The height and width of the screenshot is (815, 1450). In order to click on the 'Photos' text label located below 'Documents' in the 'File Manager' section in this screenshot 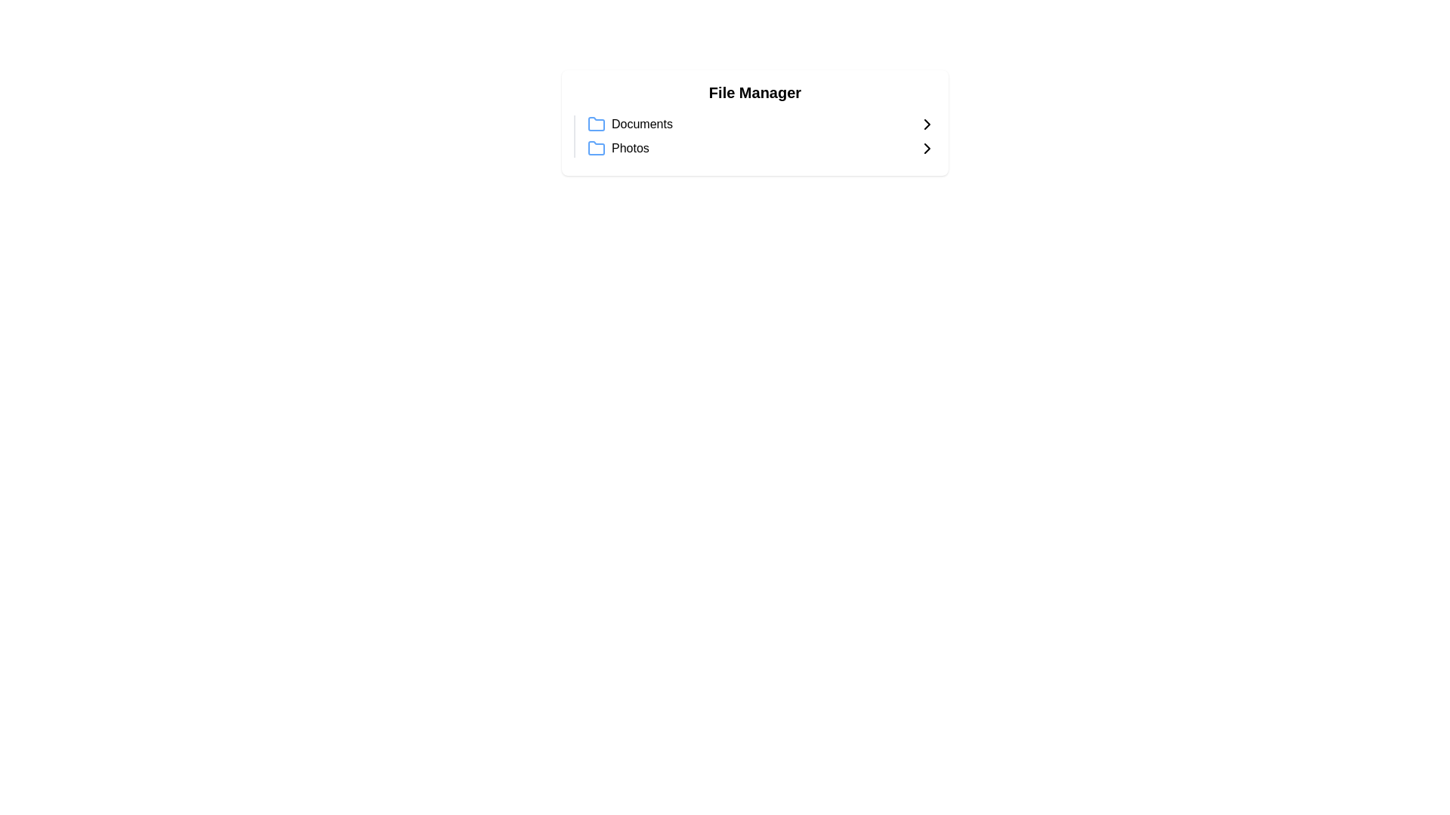, I will do `click(630, 148)`.